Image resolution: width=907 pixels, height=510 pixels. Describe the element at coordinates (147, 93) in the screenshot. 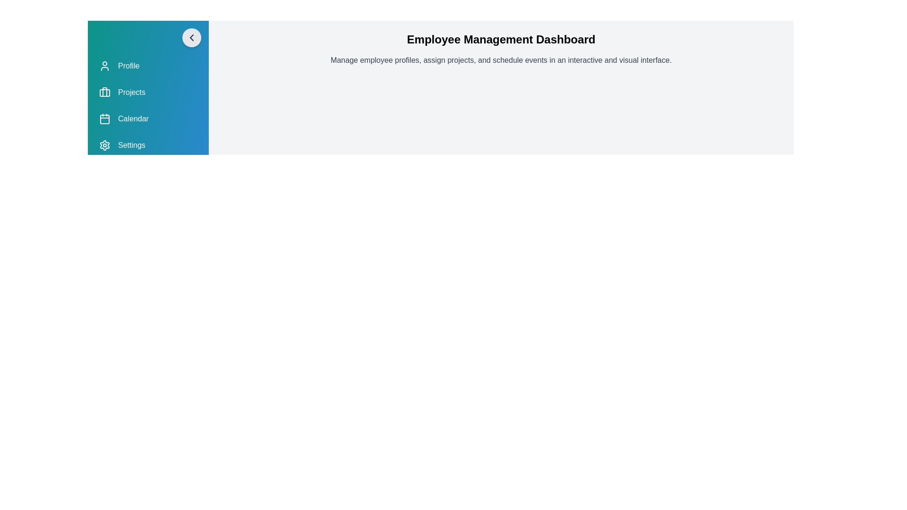

I see `the navigation item Projects from the drawer` at that location.